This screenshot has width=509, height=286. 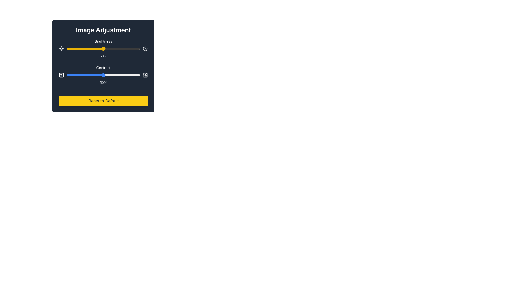 What do you see at coordinates (116, 49) in the screenshot?
I see `brightness` at bounding box center [116, 49].